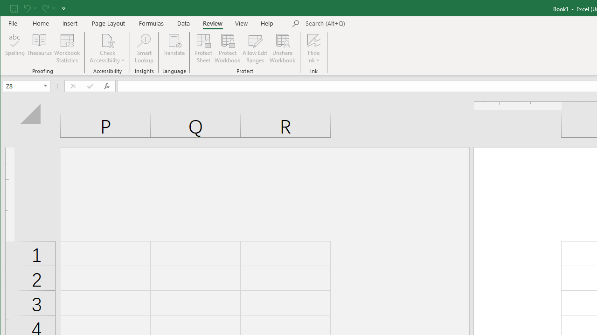 The image size is (597, 335). What do you see at coordinates (152, 23) in the screenshot?
I see `'Formulas'` at bounding box center [152, 23].